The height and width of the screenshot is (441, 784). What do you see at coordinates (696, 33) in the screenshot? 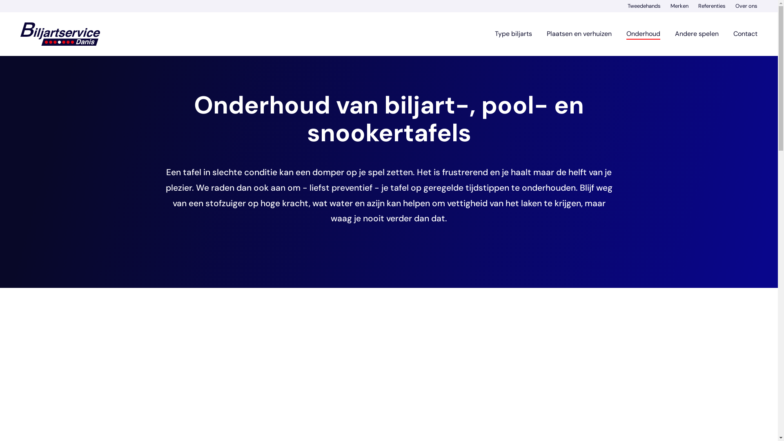
I see `'Andere spelen'` at bounding box center [696, 33].